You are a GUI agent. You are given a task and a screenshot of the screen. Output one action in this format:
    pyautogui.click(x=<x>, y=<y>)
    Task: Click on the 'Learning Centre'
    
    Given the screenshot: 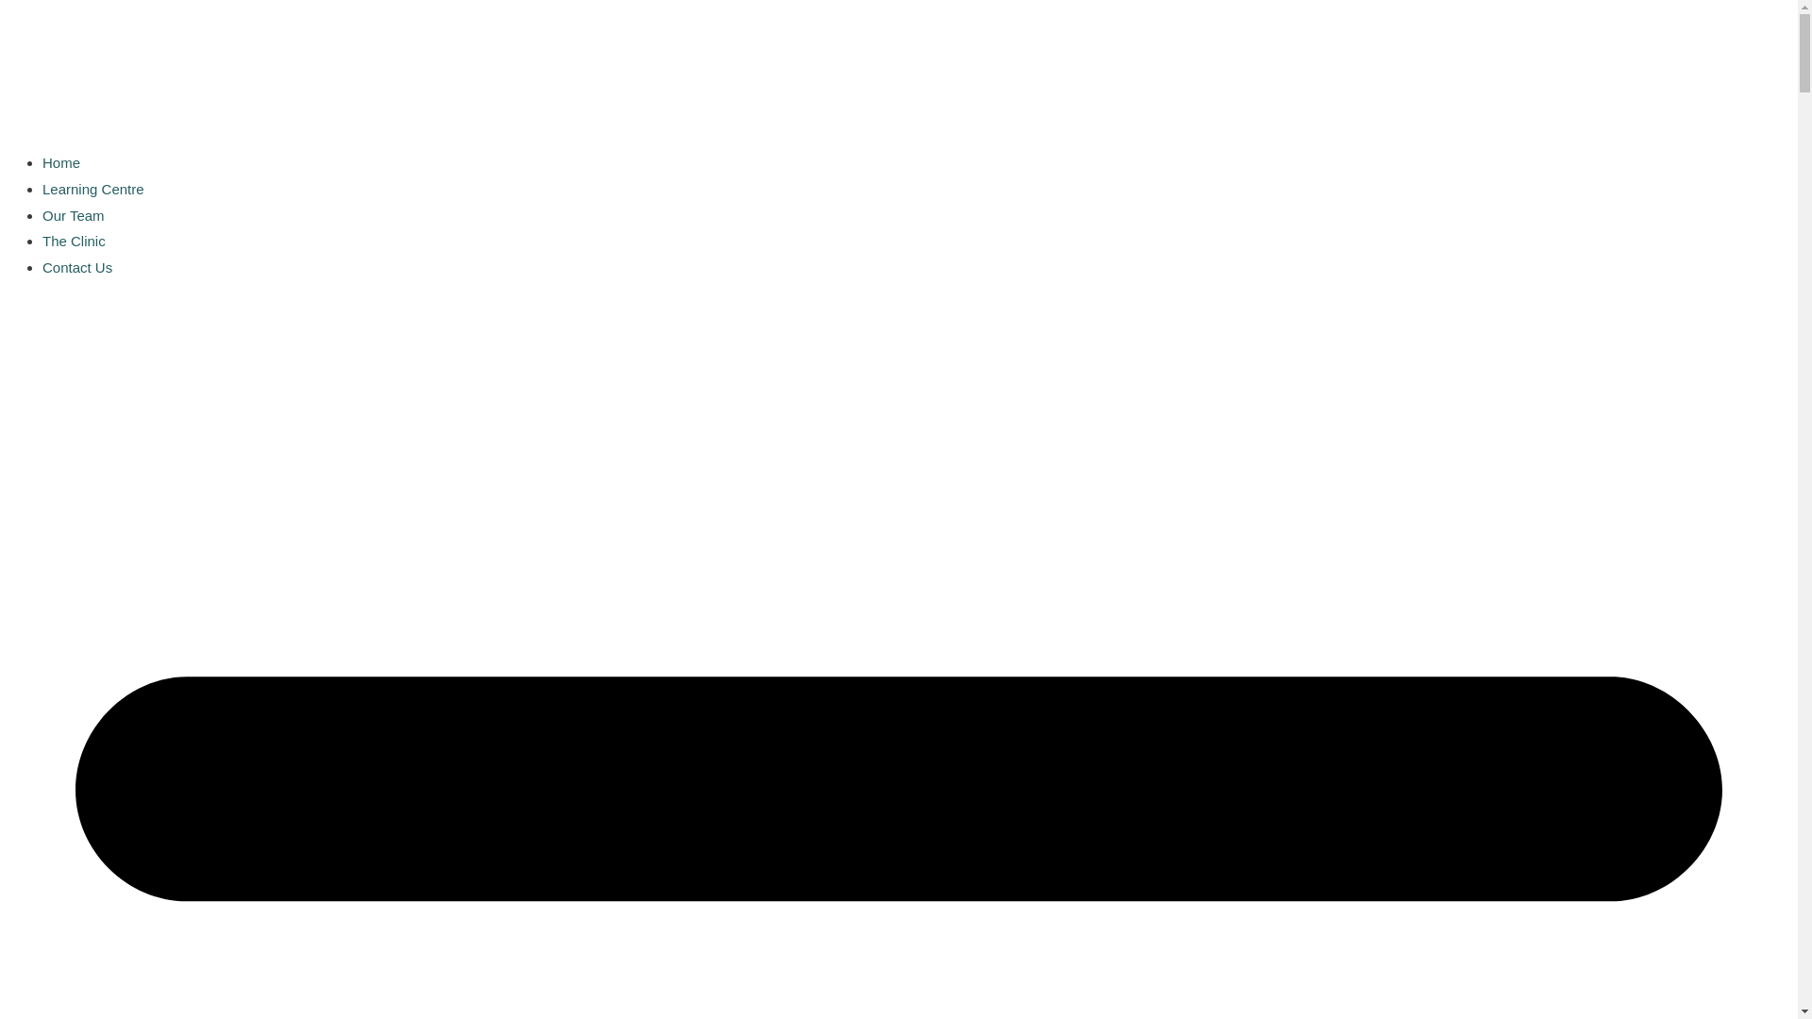 What is the action you would take?
    pyautogui.click(x=92, y=189)
    